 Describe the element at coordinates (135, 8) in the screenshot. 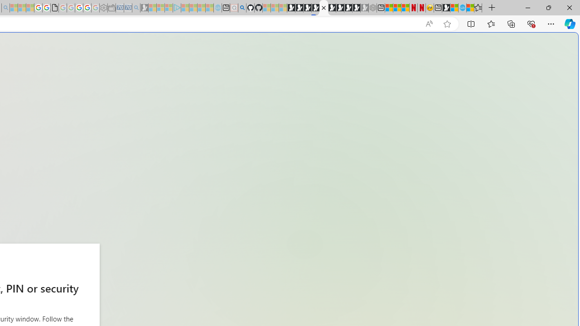

I see `'Bing Real Estate - Home sales and rental listings - Sleeping'` at that location.